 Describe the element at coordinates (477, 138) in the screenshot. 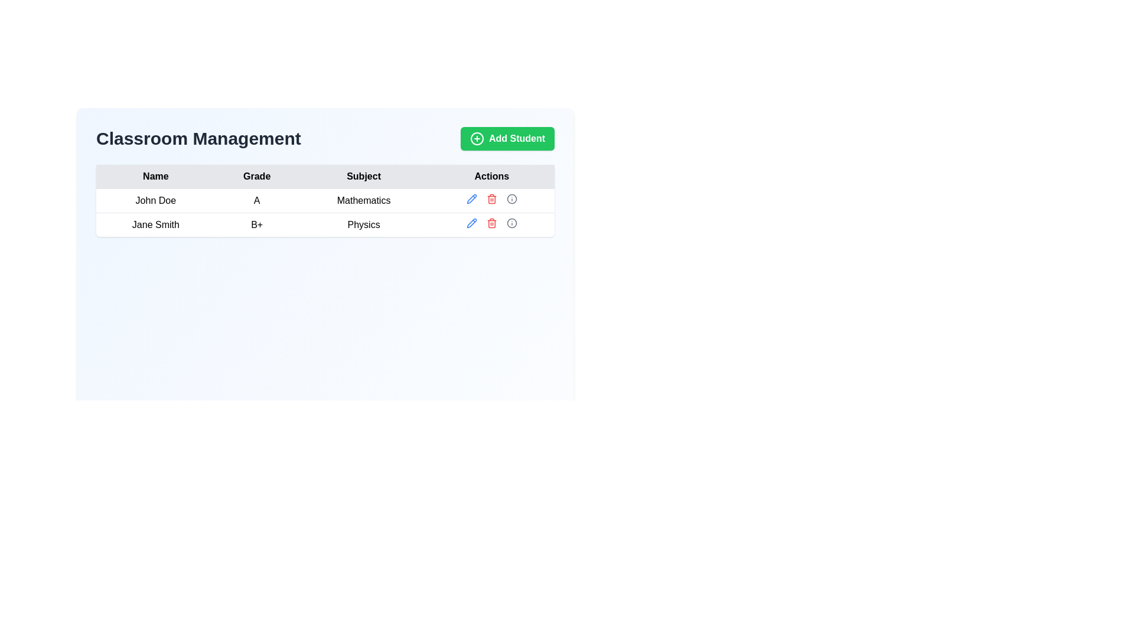

I see `the circular outline representing the addition icon within the 'Add Student' button, located at the top-right section of the interface` at that location.